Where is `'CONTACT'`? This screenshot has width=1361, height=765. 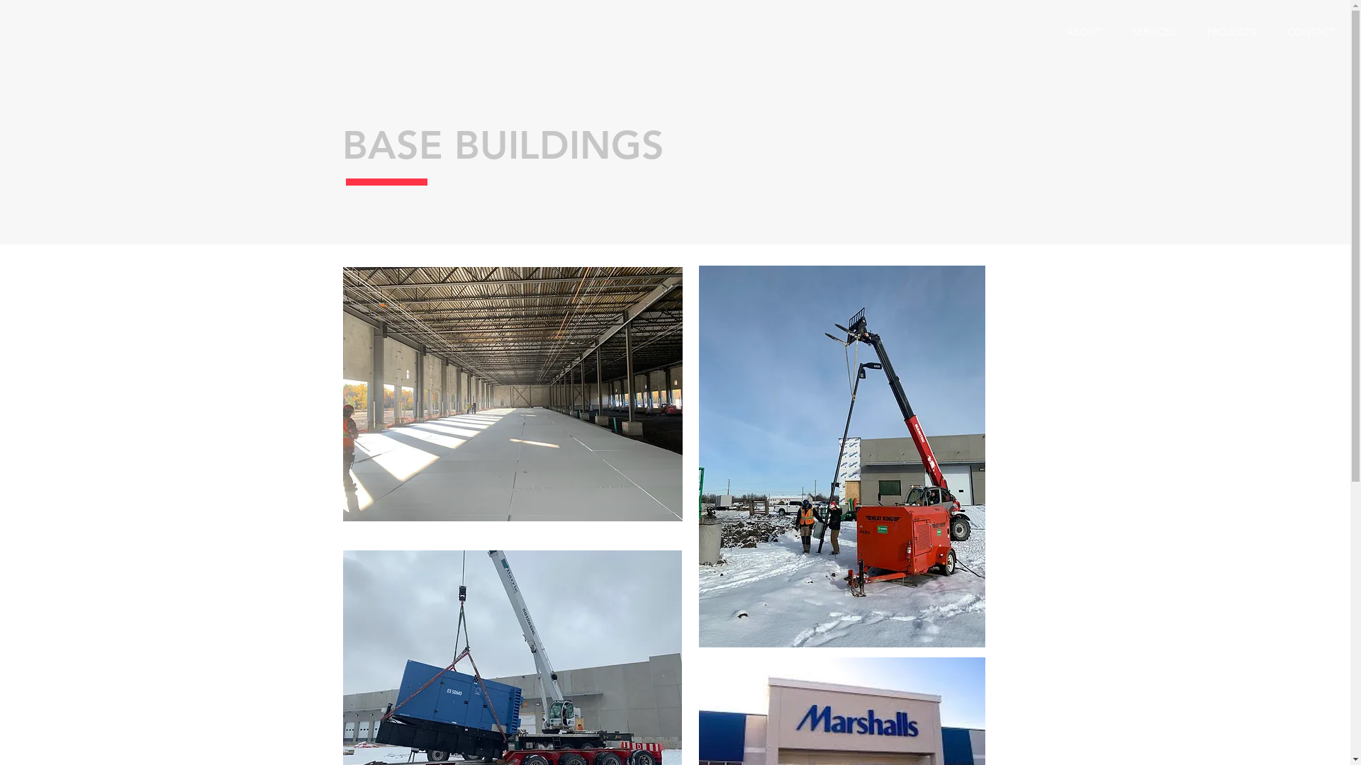 'CONTACT' is located at coordinates (1310, 32).